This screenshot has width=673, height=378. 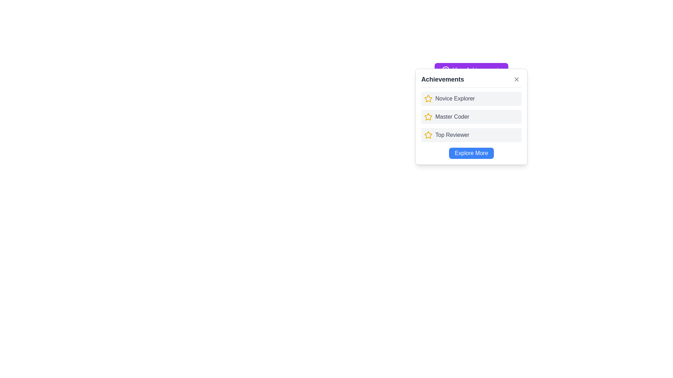 What do you see at coordinates (445, 70) in the screenshot?
I see `the outer circle of the user avatar in the top left corner of the popup interface` at bounding box center [445, 70].